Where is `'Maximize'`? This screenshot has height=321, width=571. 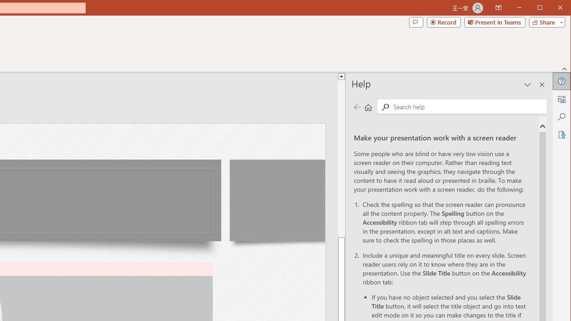 'Maximize' is located at coordinates (552, 8).